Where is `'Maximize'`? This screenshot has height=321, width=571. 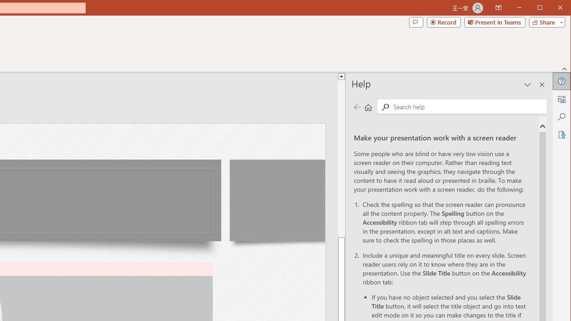 'Maximize' is located at coordinates (552, 8).